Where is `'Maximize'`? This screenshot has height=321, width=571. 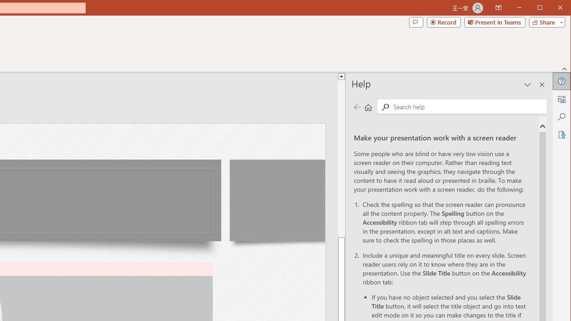 'Maximize' is located at coordinates (552, 8).